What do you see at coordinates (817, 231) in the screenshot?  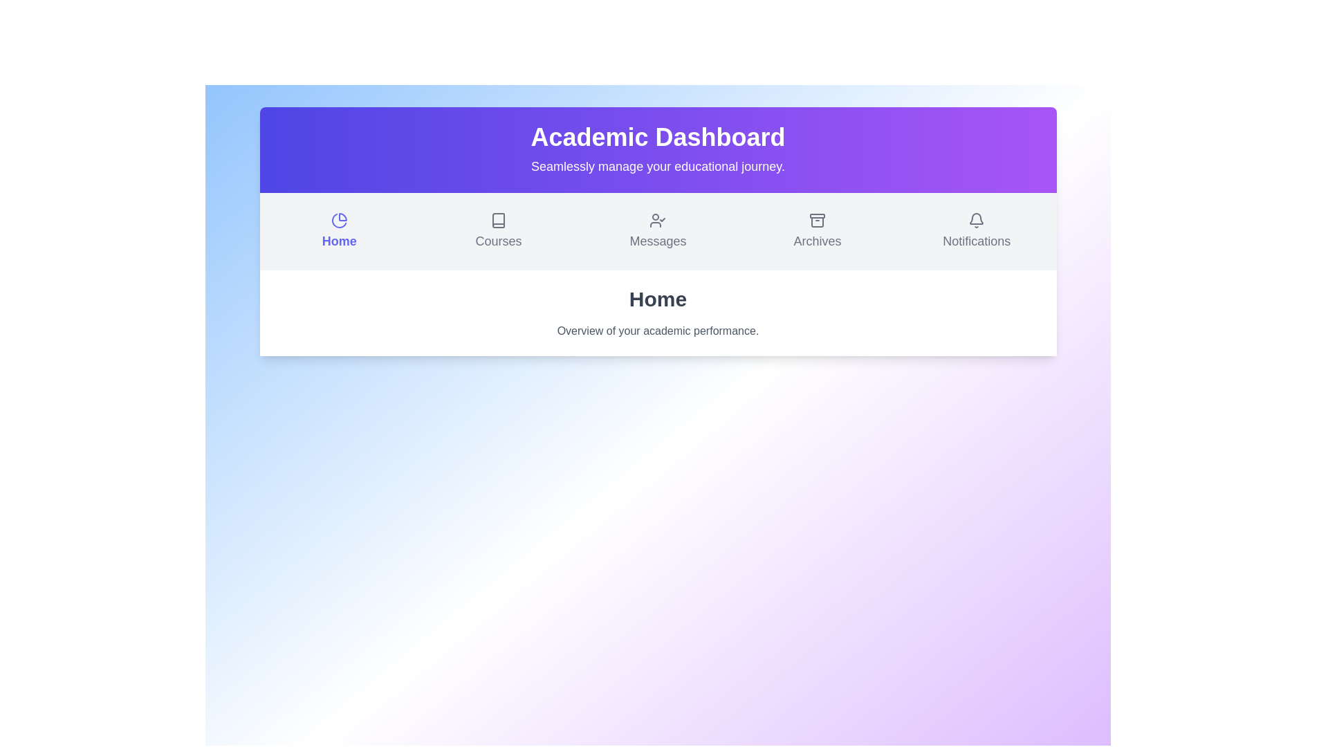 I see `the Archives section from the menu` at bounding box center [817, 231].